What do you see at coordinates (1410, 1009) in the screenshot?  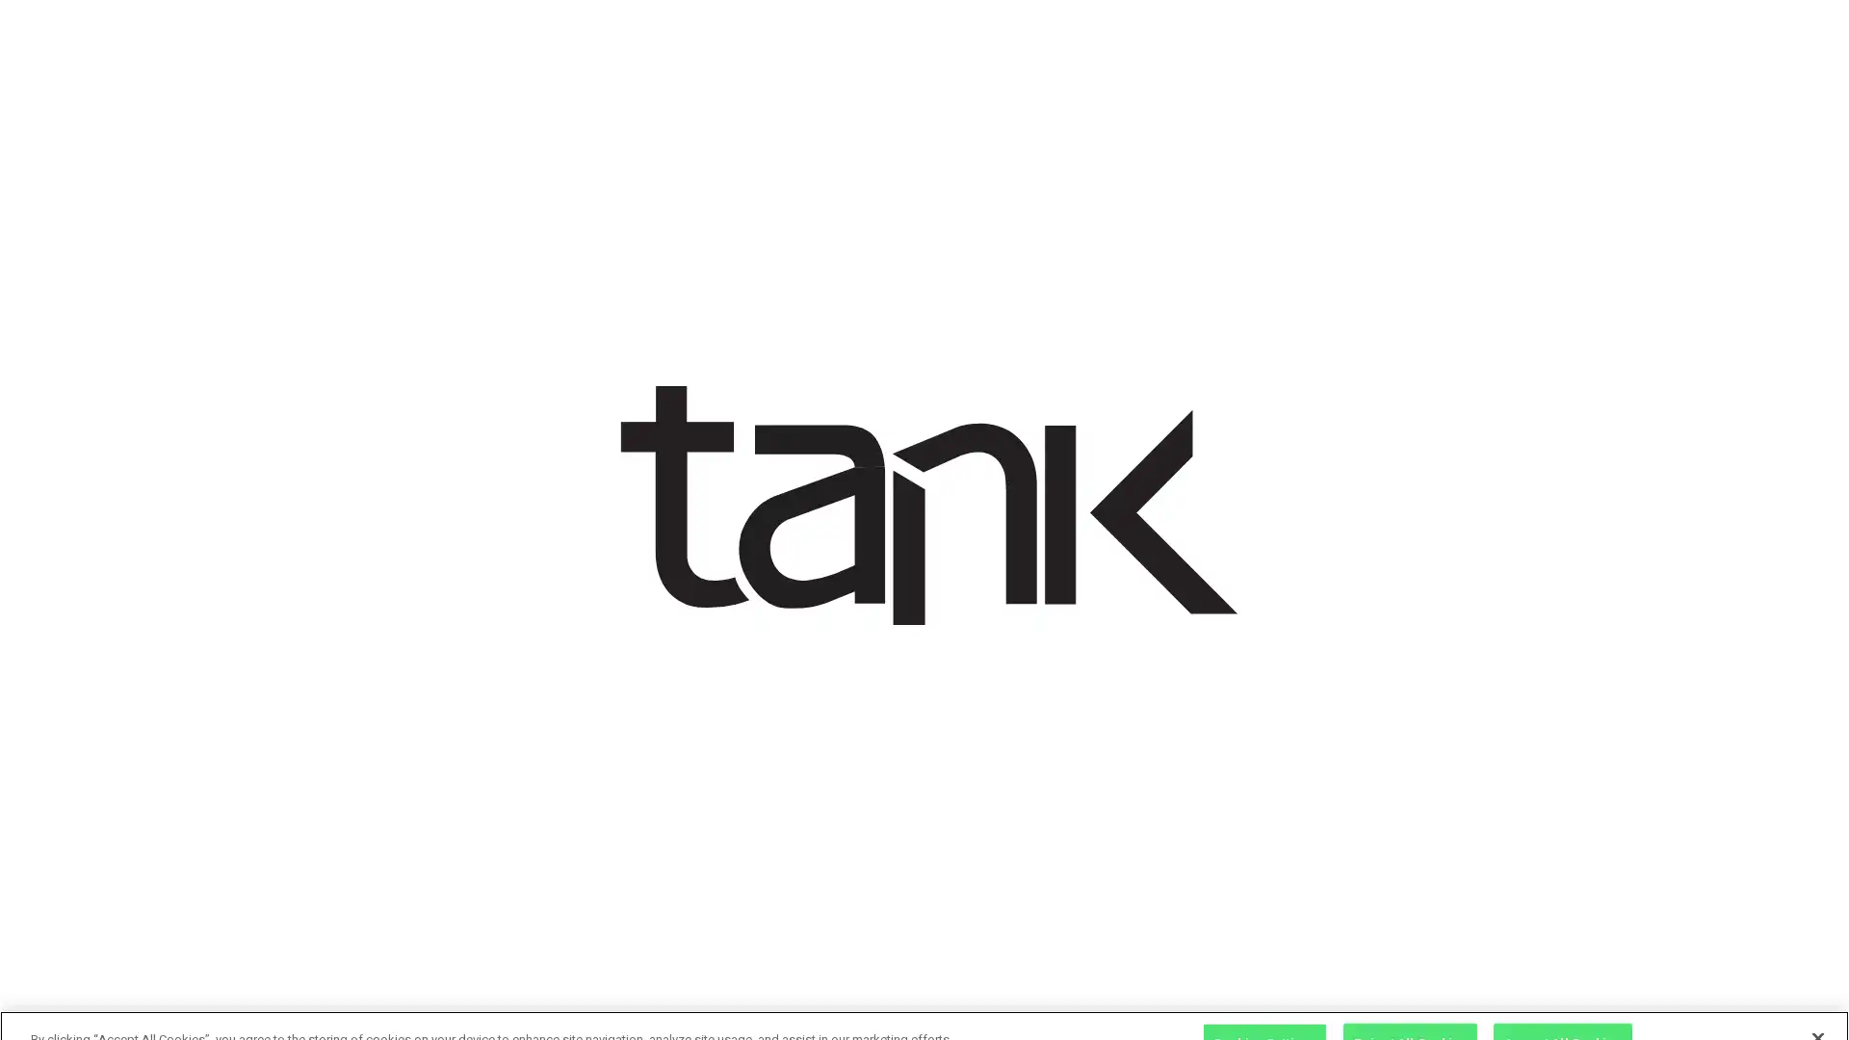 I see `Reject All Cookies` at bounding box center [1410, 1009].